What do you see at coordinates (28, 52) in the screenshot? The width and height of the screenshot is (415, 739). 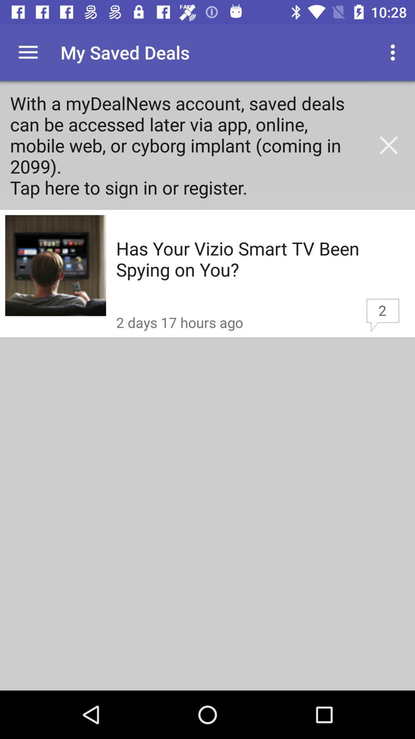 I see `menu for more options` at bounding box center [28, 52].